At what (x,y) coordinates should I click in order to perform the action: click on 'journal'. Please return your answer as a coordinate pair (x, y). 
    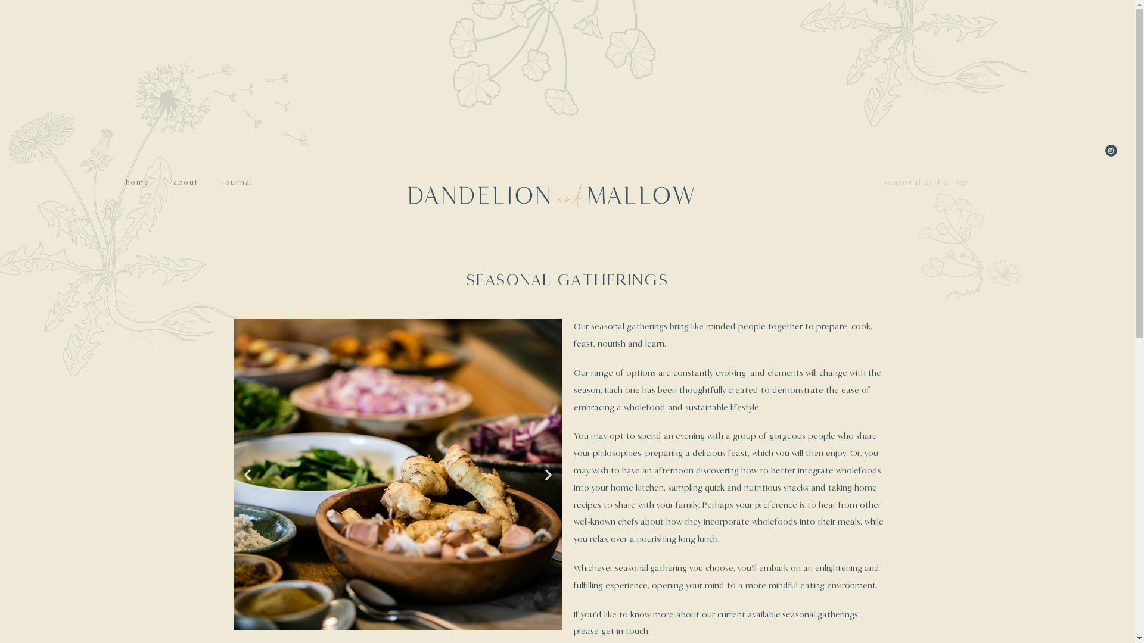
    Looking at the image, I should click on (237, 182).